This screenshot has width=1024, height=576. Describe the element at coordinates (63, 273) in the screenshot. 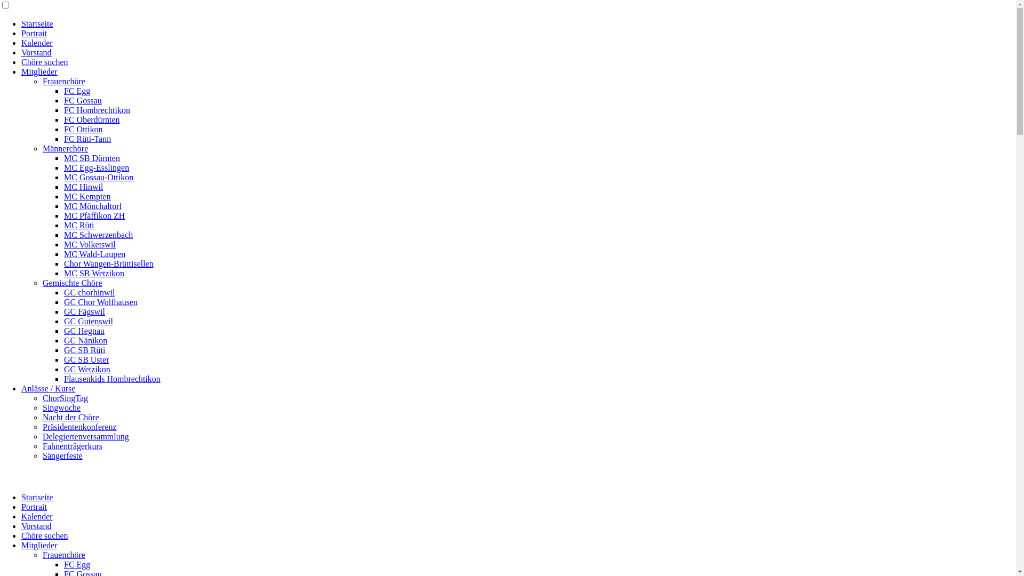

I see `'MC SB Wetzikon'` at that location.